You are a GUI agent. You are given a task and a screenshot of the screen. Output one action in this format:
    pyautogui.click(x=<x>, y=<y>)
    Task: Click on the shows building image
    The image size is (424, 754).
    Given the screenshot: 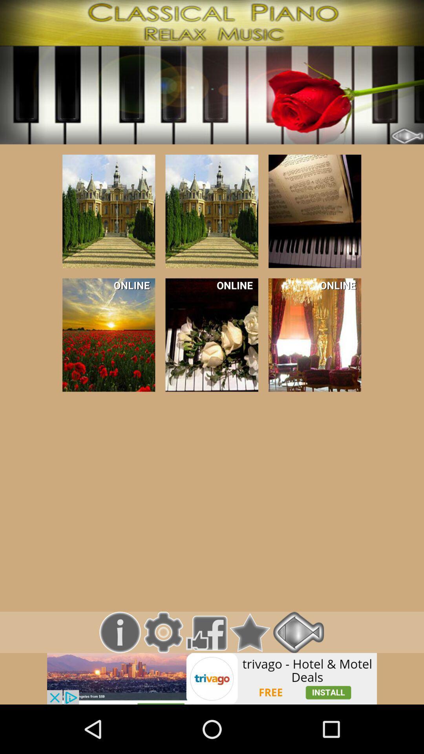 What is the action you would take?
    pyautogui.click(x=314, y=211)
    